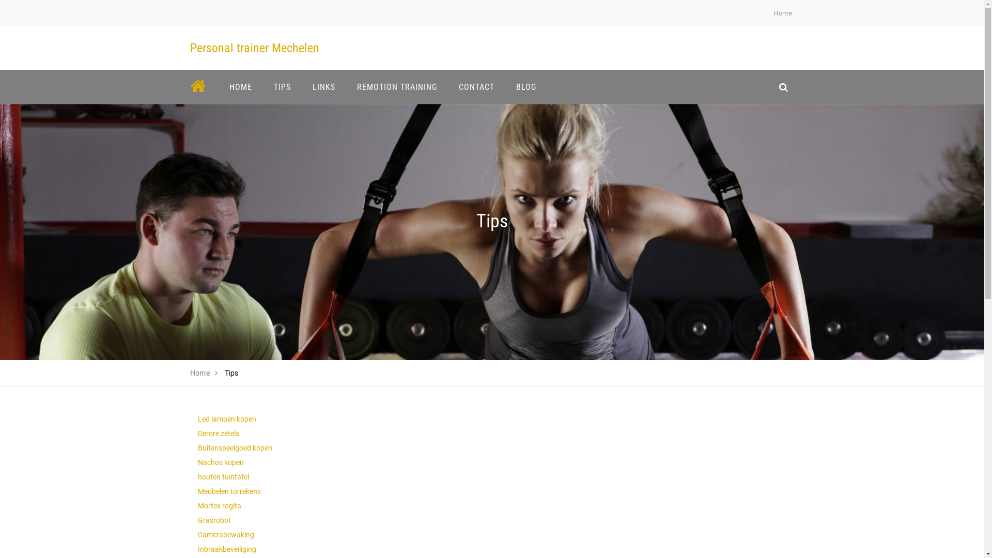 The width and height of the screenshot is (992, 558). I want to click on 'Led lampen kopen', so click(226, 419).